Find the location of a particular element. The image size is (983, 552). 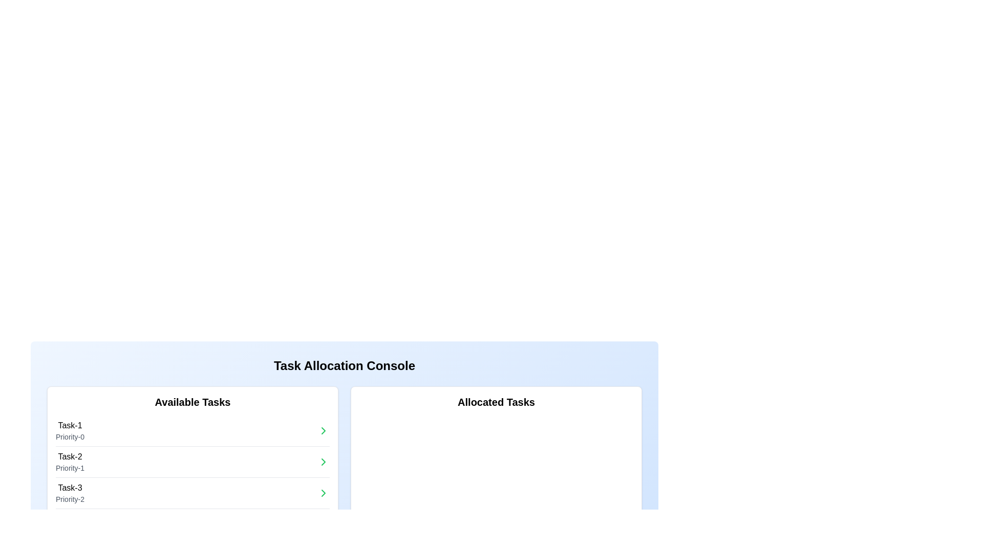

the Text label that displays the priority level of 'Task-1' located in the 'Available Tasks' section, directly beneath the 'Task-1' entry is located at coordinates (70, 437).